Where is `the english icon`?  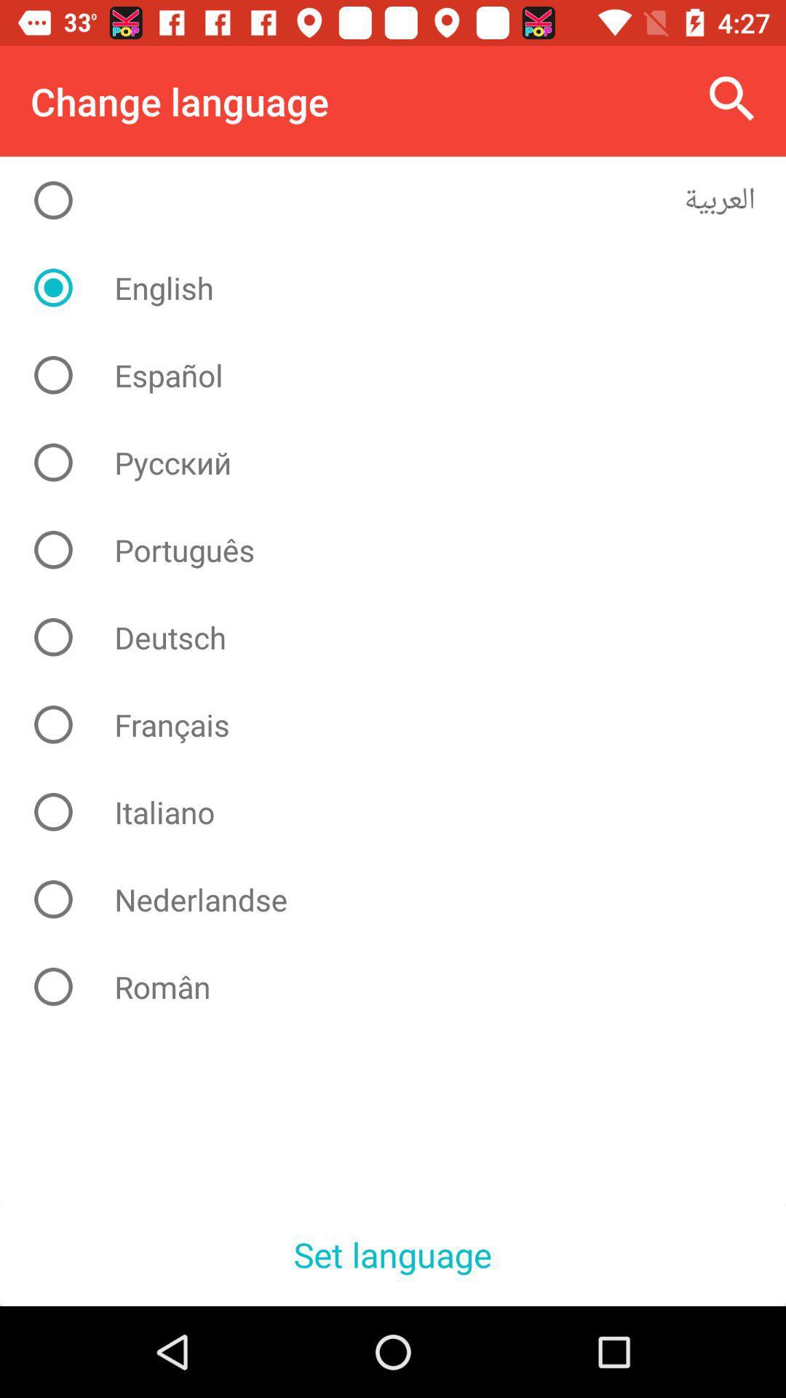
the english icon is located at coordinates (404, 288).